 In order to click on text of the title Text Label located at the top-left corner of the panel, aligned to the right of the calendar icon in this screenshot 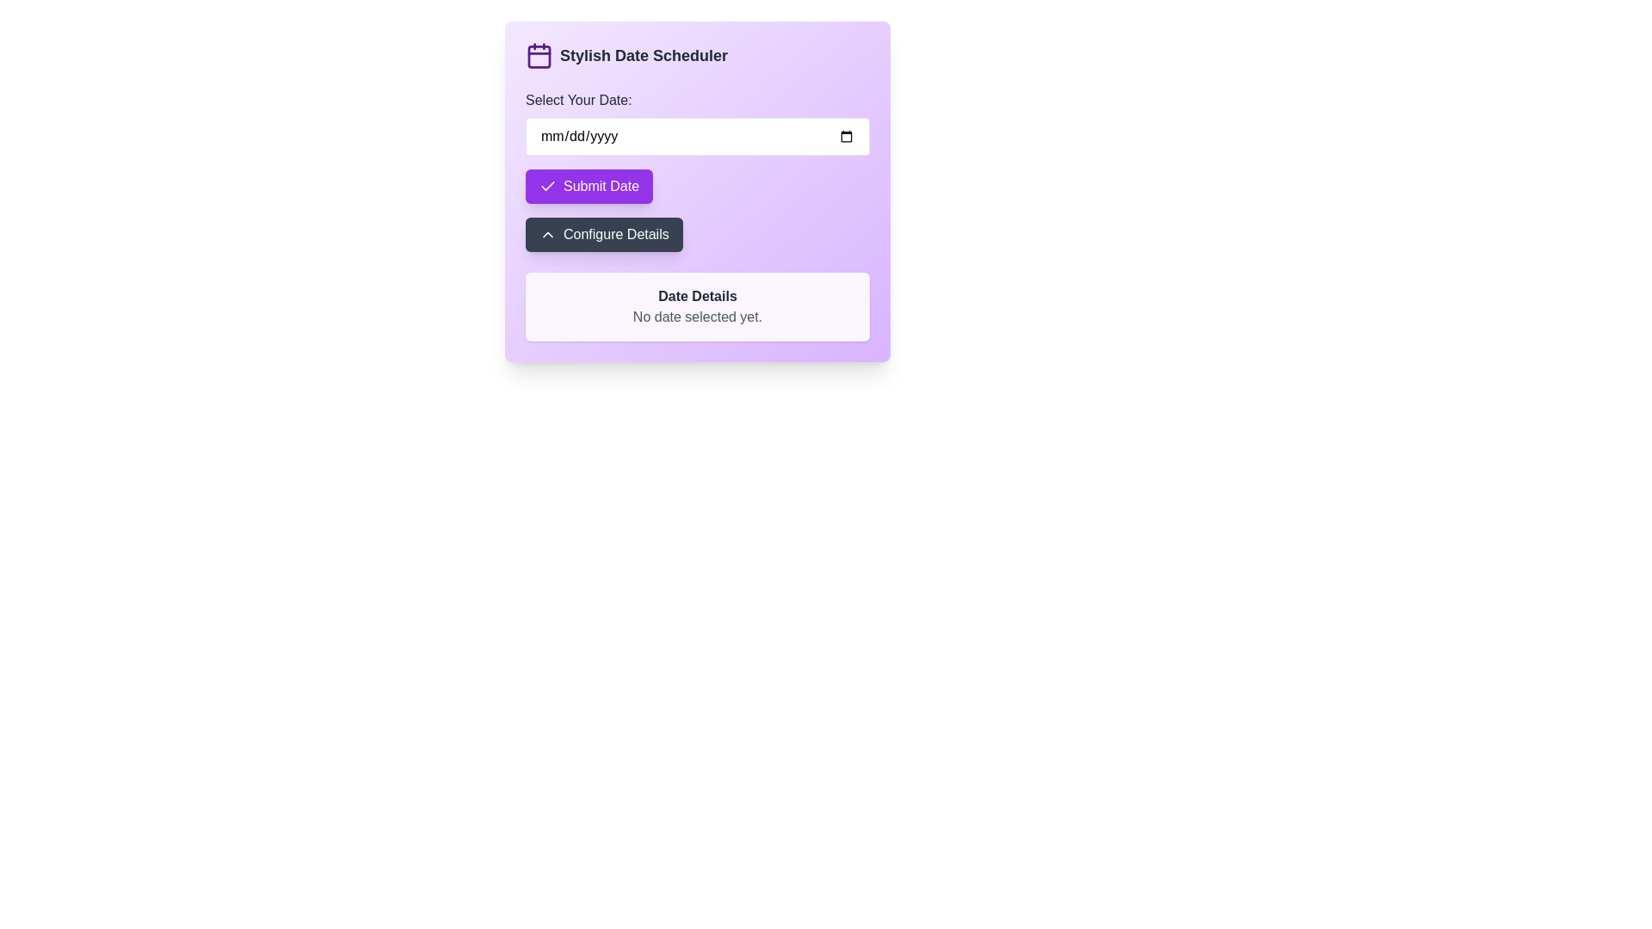, I will do `click(643, 55)`.